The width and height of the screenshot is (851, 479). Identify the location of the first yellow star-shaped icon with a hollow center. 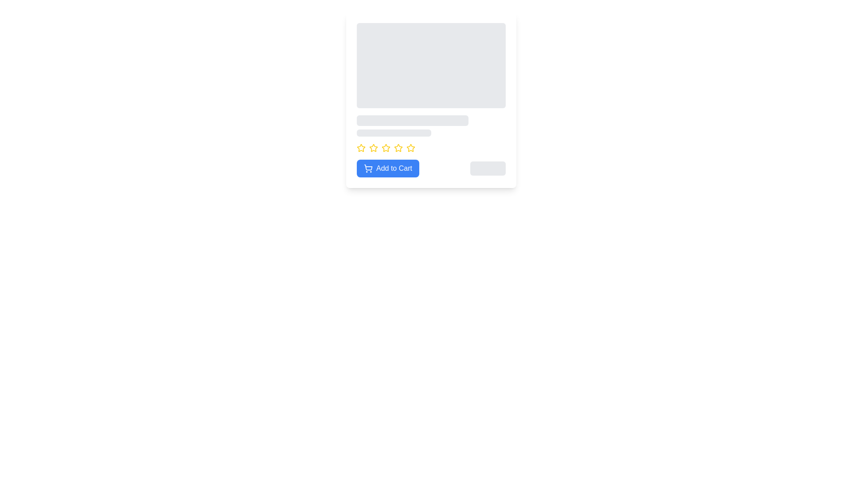
(374, 147).